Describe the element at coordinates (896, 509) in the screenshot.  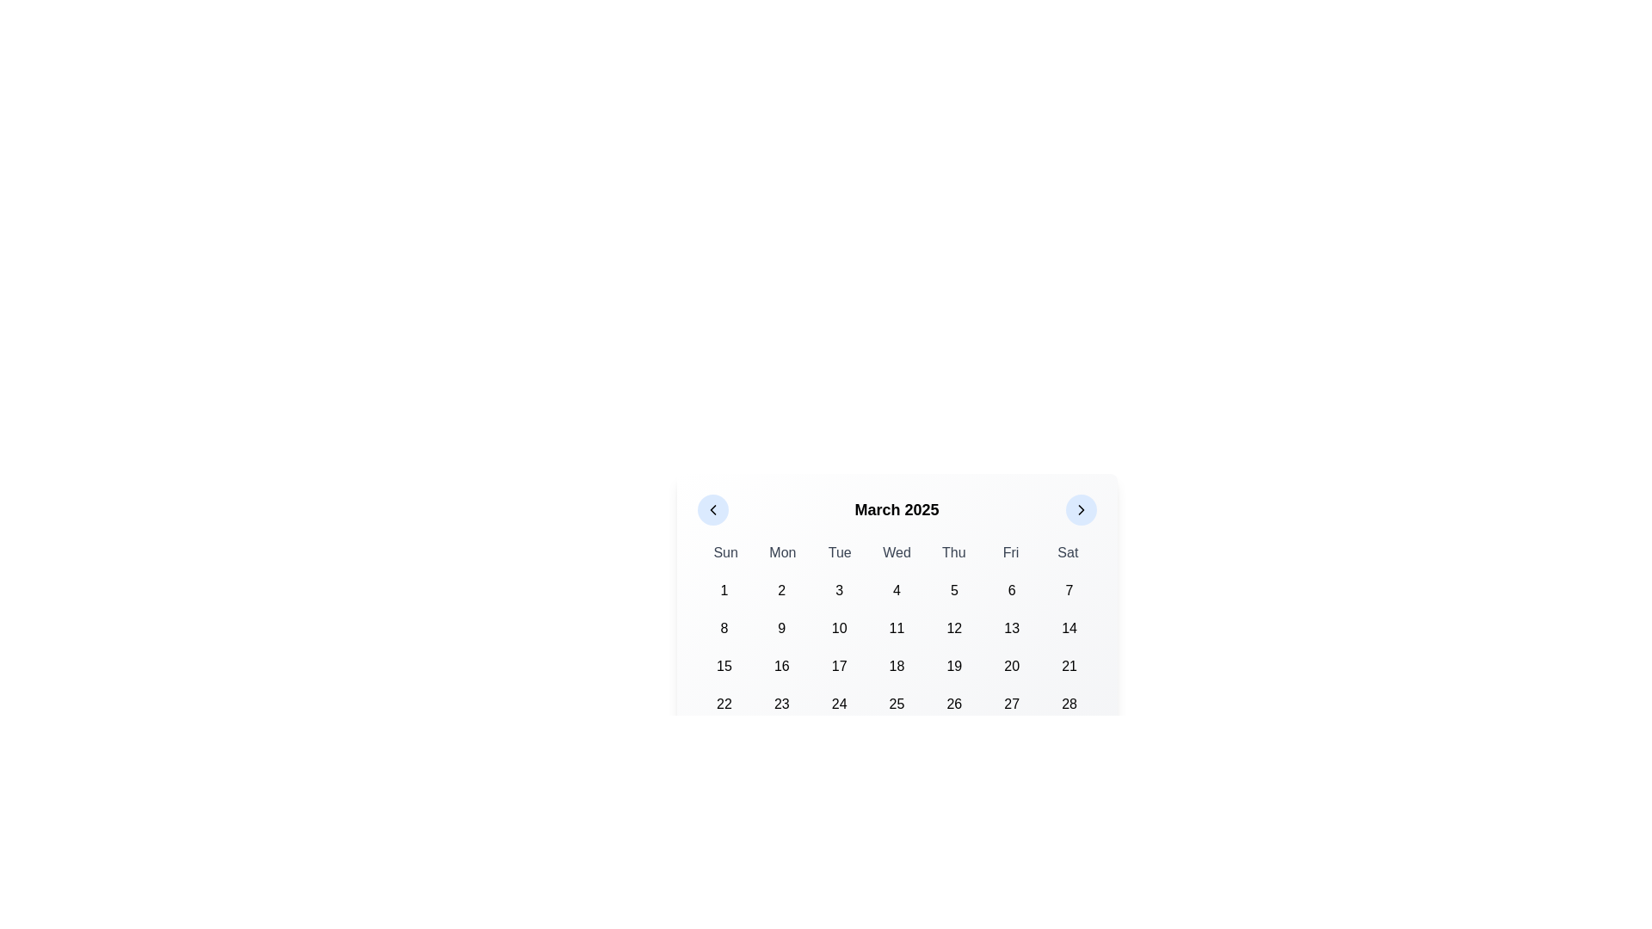
I see `the text label displaying the current month and year in the calendar interface` at that location.